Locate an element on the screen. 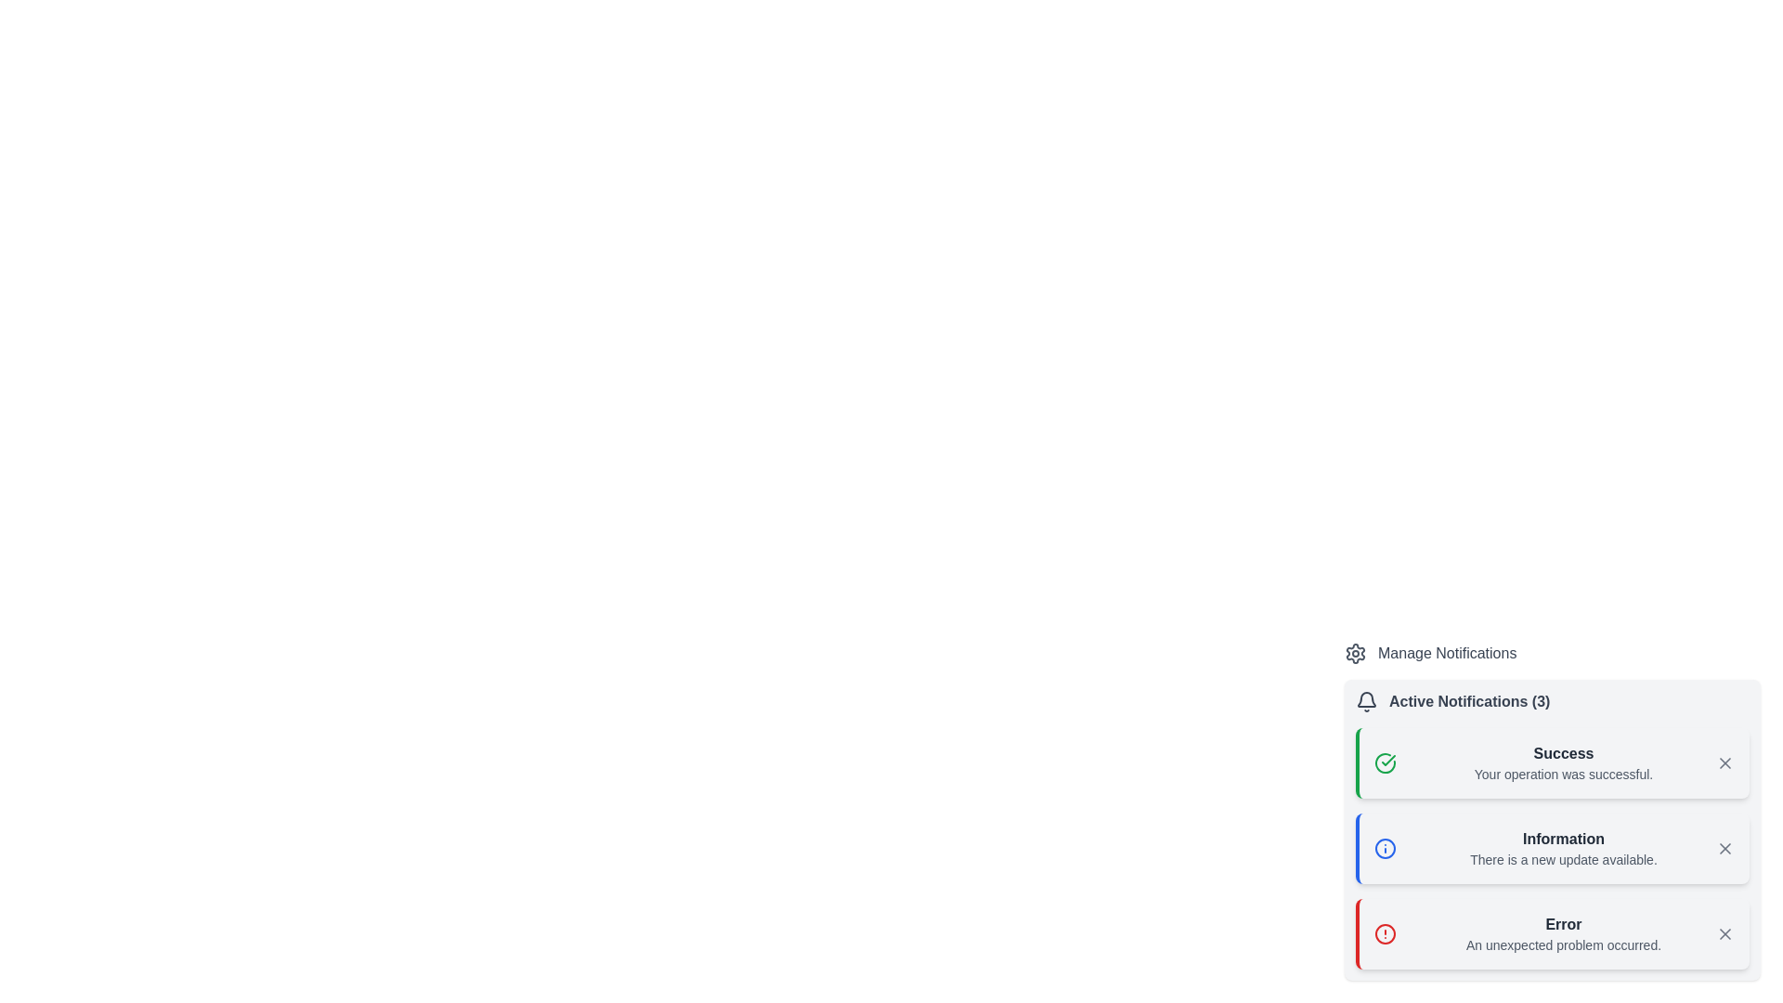 This screenshot has height=1003, width=1783. the text label that says 'There is a new update available.' located below the bold 'Information' header in the notification list is located at coordinates (1563, 859).